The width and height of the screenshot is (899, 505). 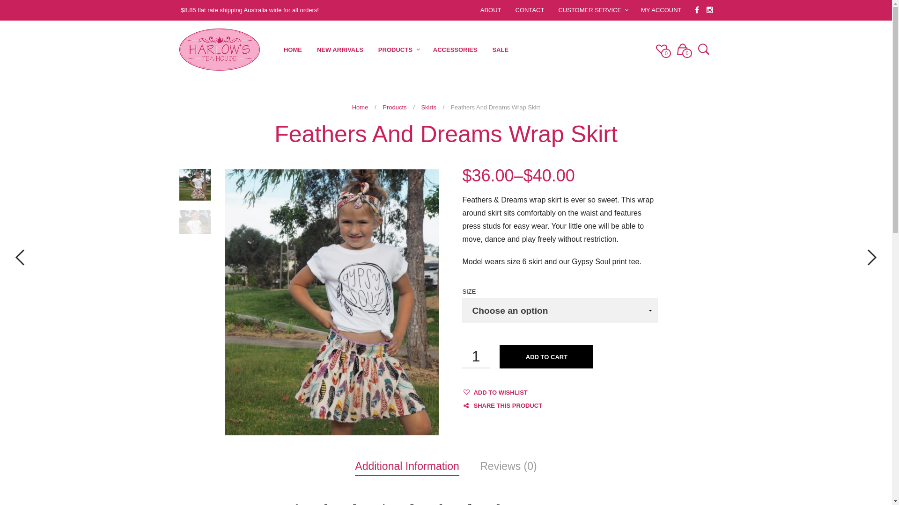 I want to click on 'HOME', so click(x=276, y=50).